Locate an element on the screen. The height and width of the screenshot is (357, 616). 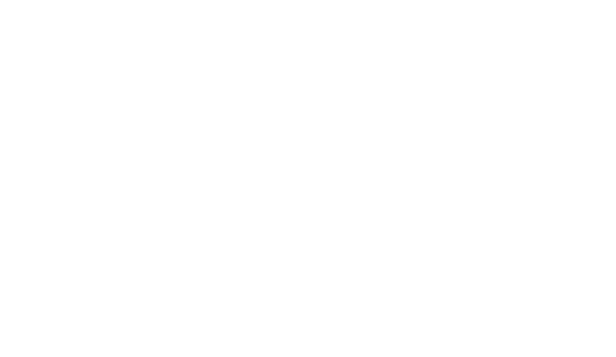
'Cala Fuili' is located at coordinates (135, 183).